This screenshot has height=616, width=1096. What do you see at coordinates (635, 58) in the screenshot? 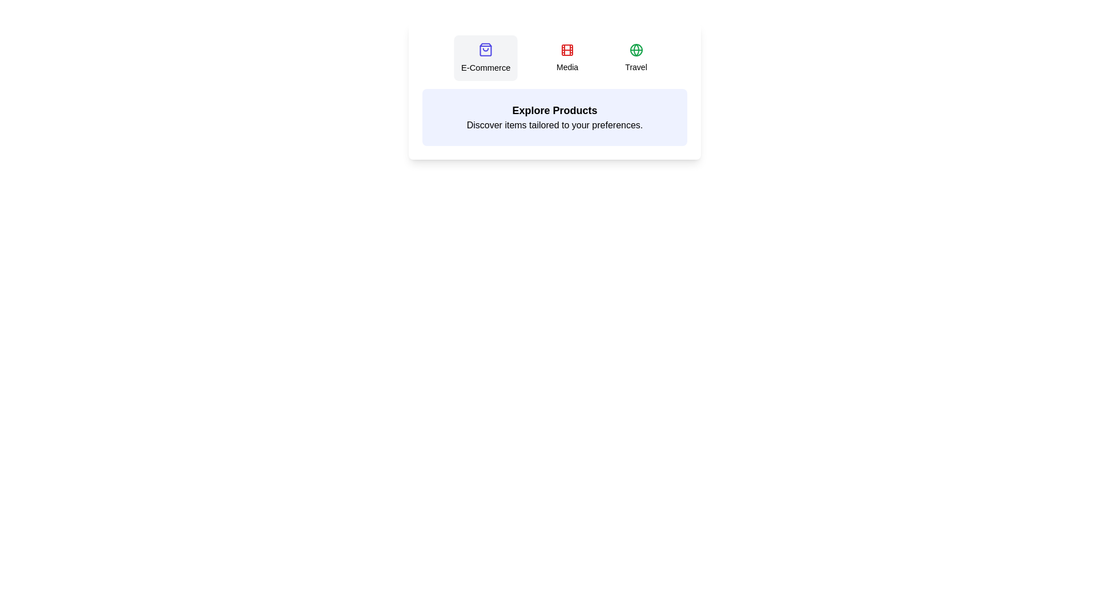
I see `the tab identified by Travel` at bounding box center [635, 58].